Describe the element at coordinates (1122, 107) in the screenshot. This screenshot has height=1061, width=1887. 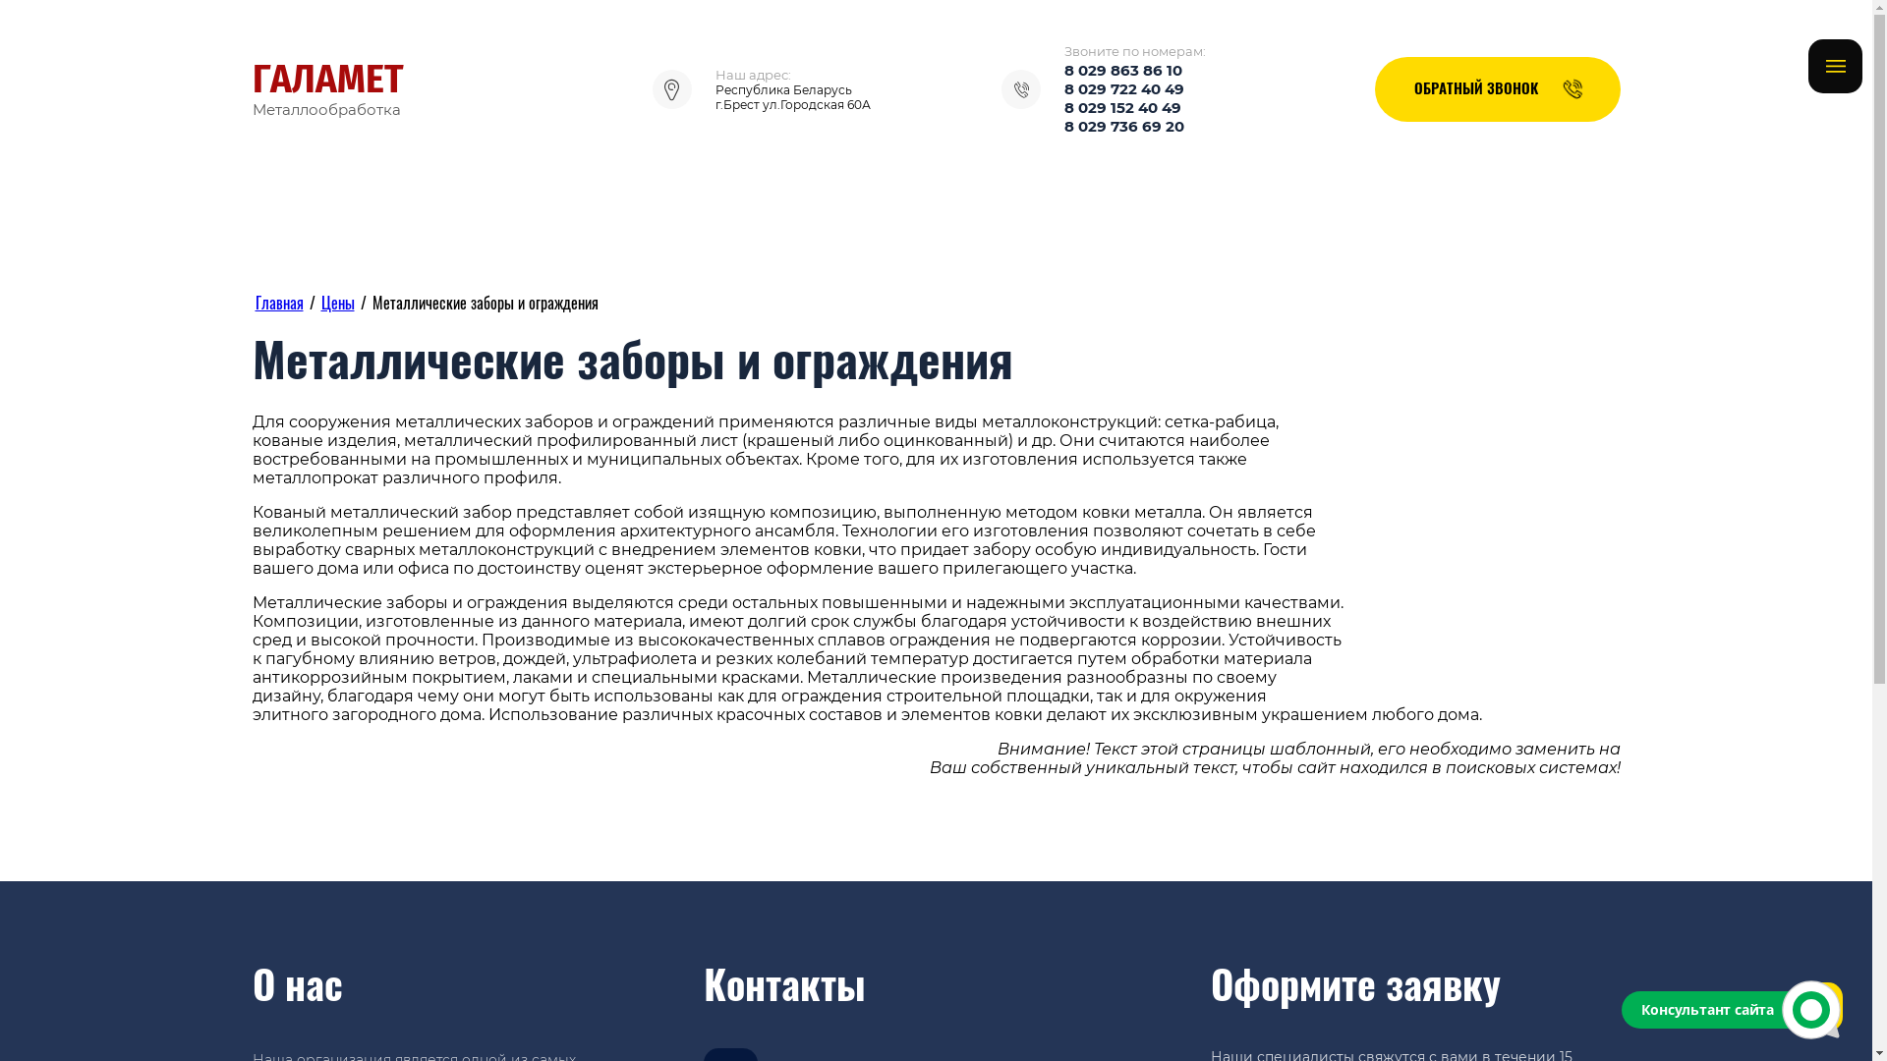
I see `'8 029 152 40 49'` at that location.